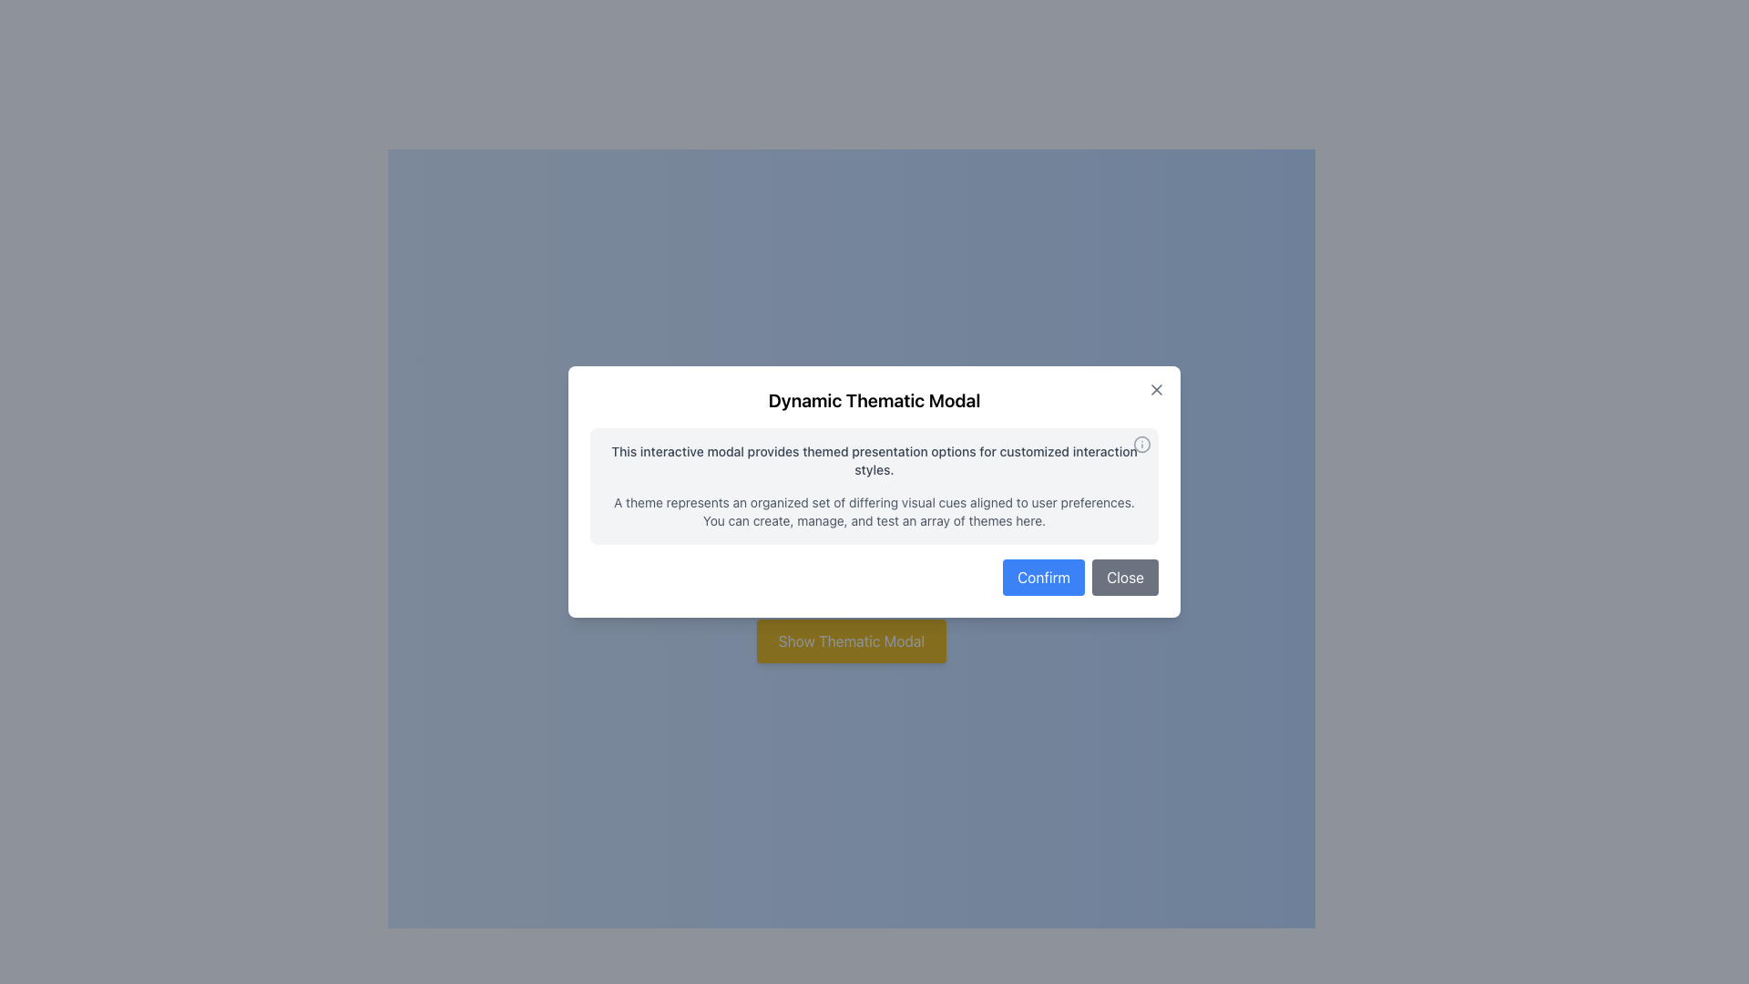 Image resolution: width=1749 pixels, height=984 pixels. I want to click on the Static informational panel located within the 'Dynamic Thematic Modal', which has a light gray background and contains textual information, positioned below the modal's title, so click(874, 485).